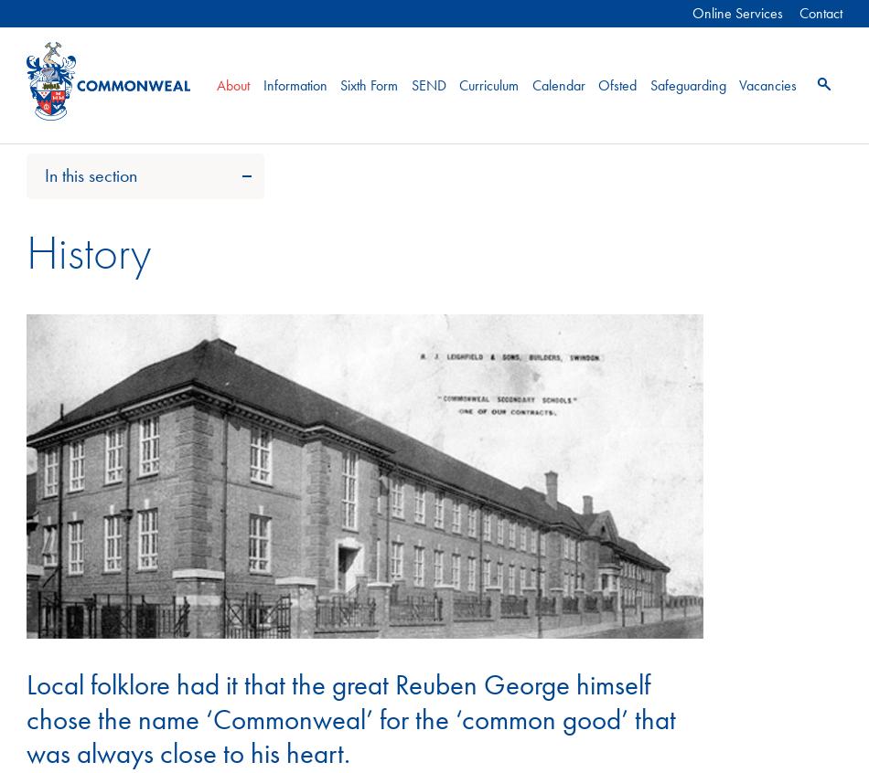  What do you see at coordinates (130, 490) in the screenshot?
I see `'Environmental Sustainability Statement'` at bounding box center [130, 490].